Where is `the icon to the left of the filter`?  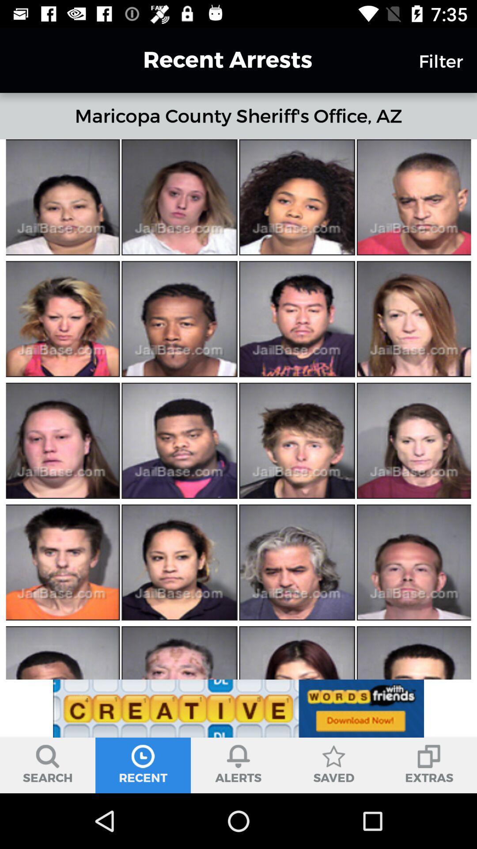
the icon to the left of the filter is located at coordinates (212, 59).